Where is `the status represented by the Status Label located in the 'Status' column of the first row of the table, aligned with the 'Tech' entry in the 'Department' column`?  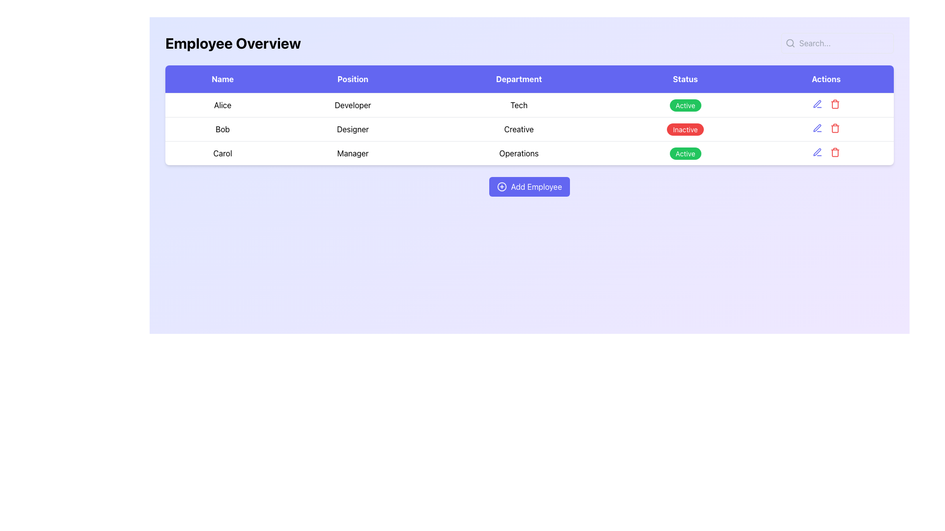
the status represented by the Status Label located in the 'Status' column of the first row of the table, aligned with the 'Tech' entry in the 'Department' column is located at coordinates (685, 105).